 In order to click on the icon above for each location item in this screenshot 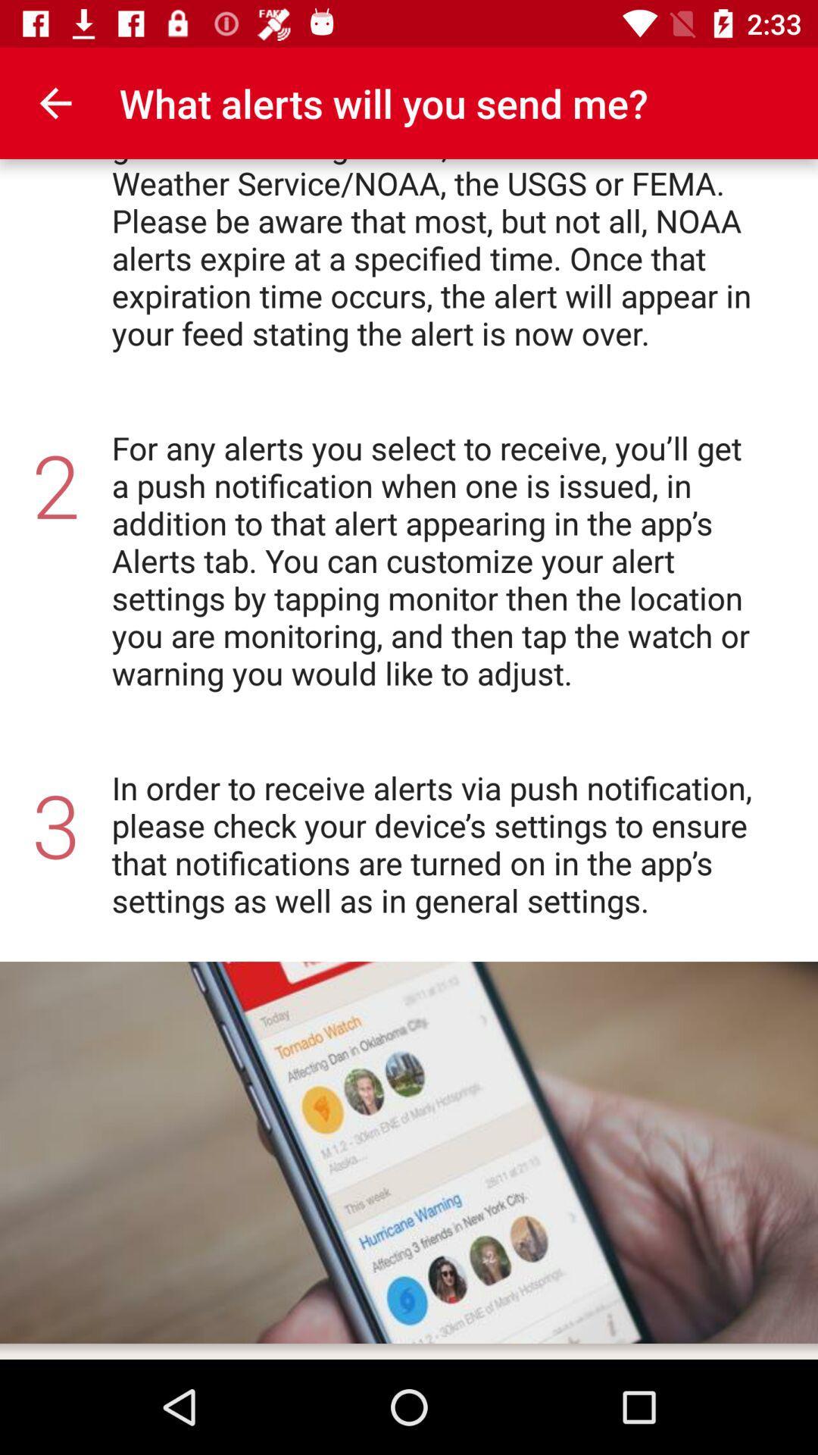, I will do `click(55, 102)`.